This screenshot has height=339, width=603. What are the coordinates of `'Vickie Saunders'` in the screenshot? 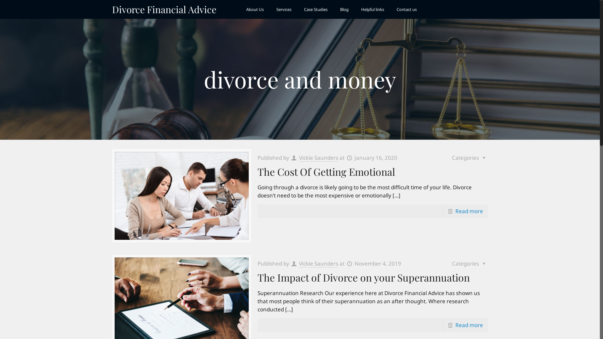 It's located at (318, 157).